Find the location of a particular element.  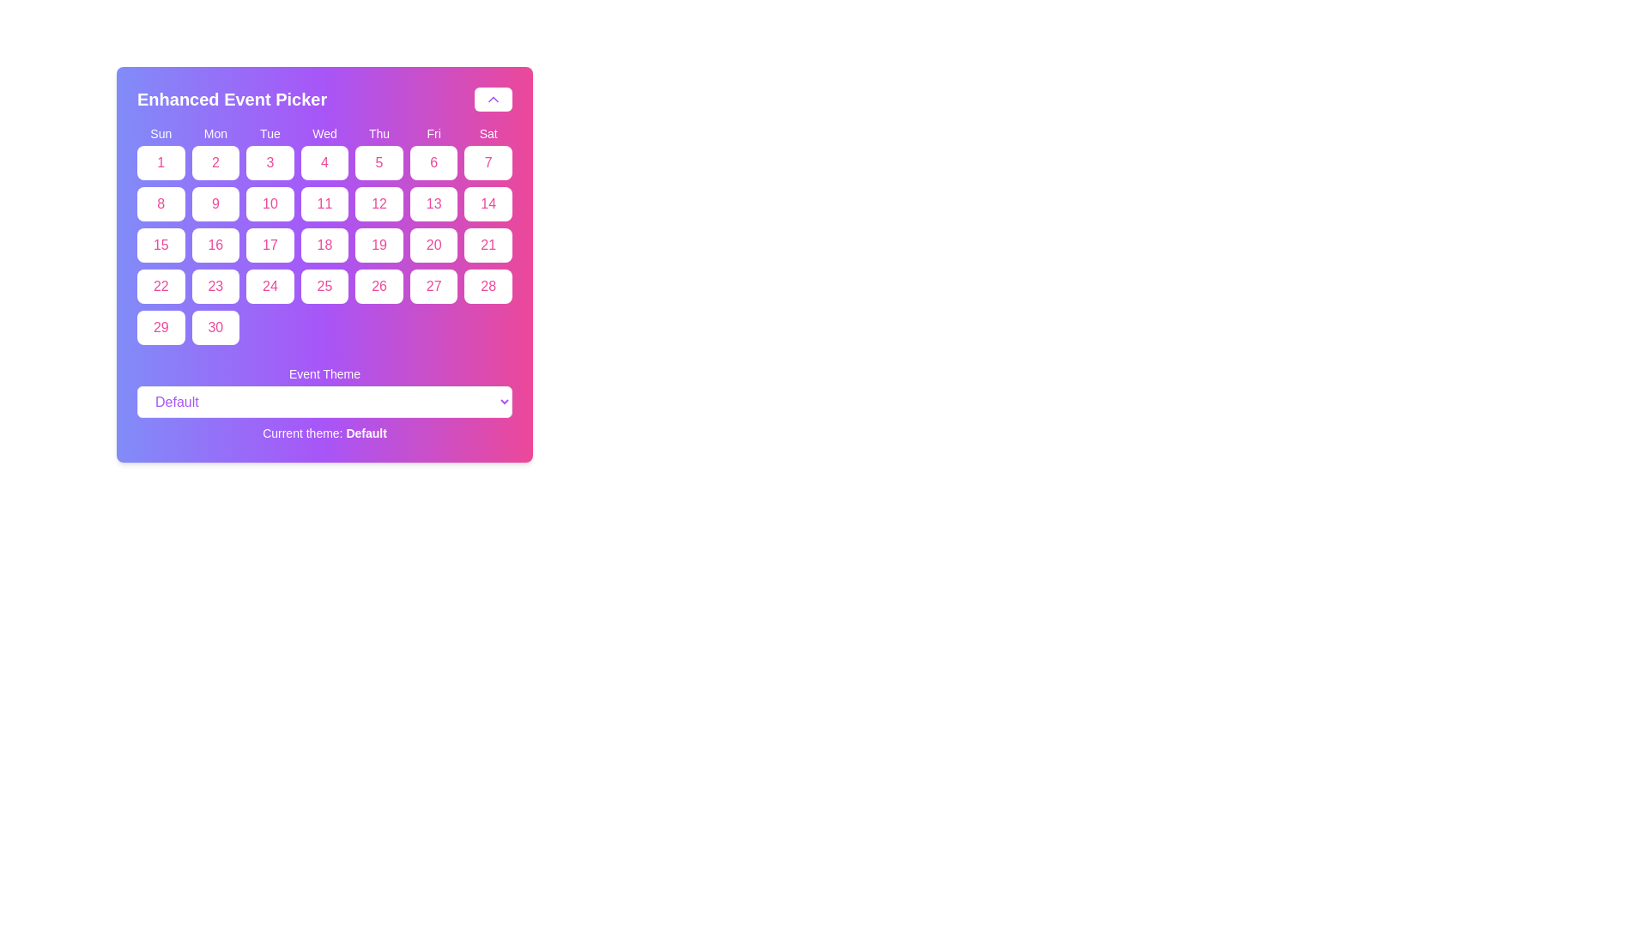

the rounded rectangular button labeled '13' with a white background and pink text is located at coordinates (433, 203).